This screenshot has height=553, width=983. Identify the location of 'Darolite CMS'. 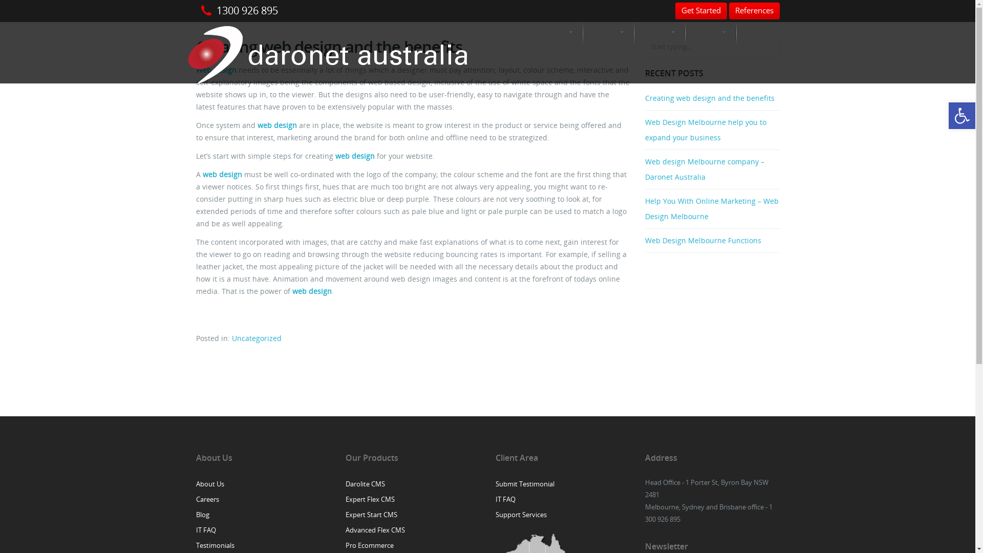
(365, 484).